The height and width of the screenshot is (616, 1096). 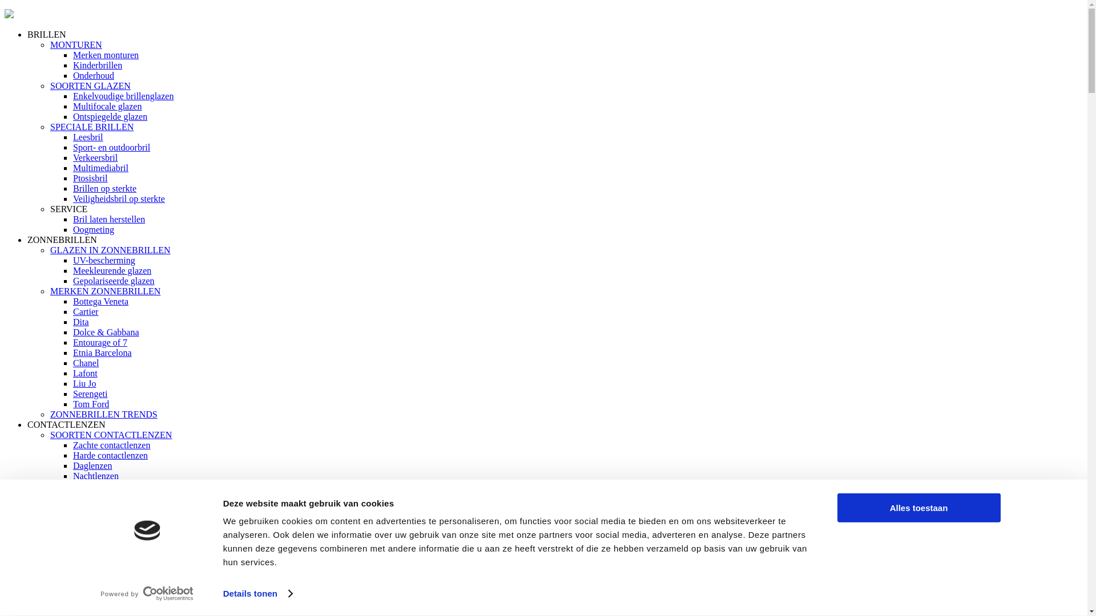 What do you see at coordinates (102, 352) in the screenshot?
I see `'Etnia Barcelona'` at bounding box center [102, 352].